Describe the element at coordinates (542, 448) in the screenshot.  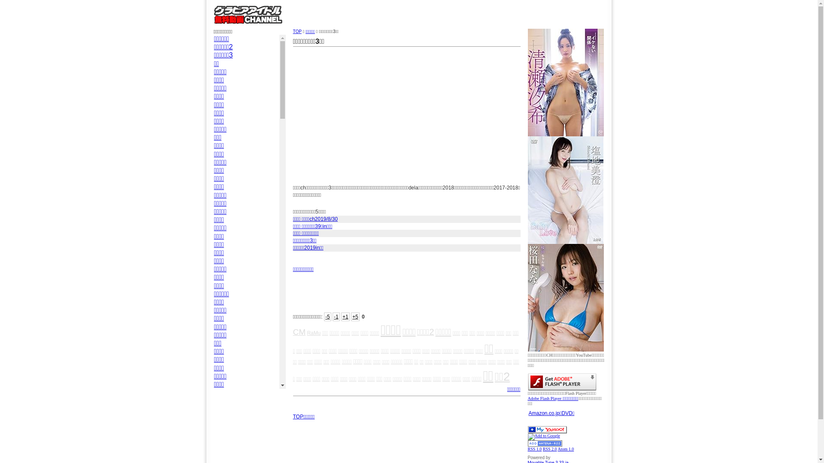
I see `'RSS 2.0'` at that location.